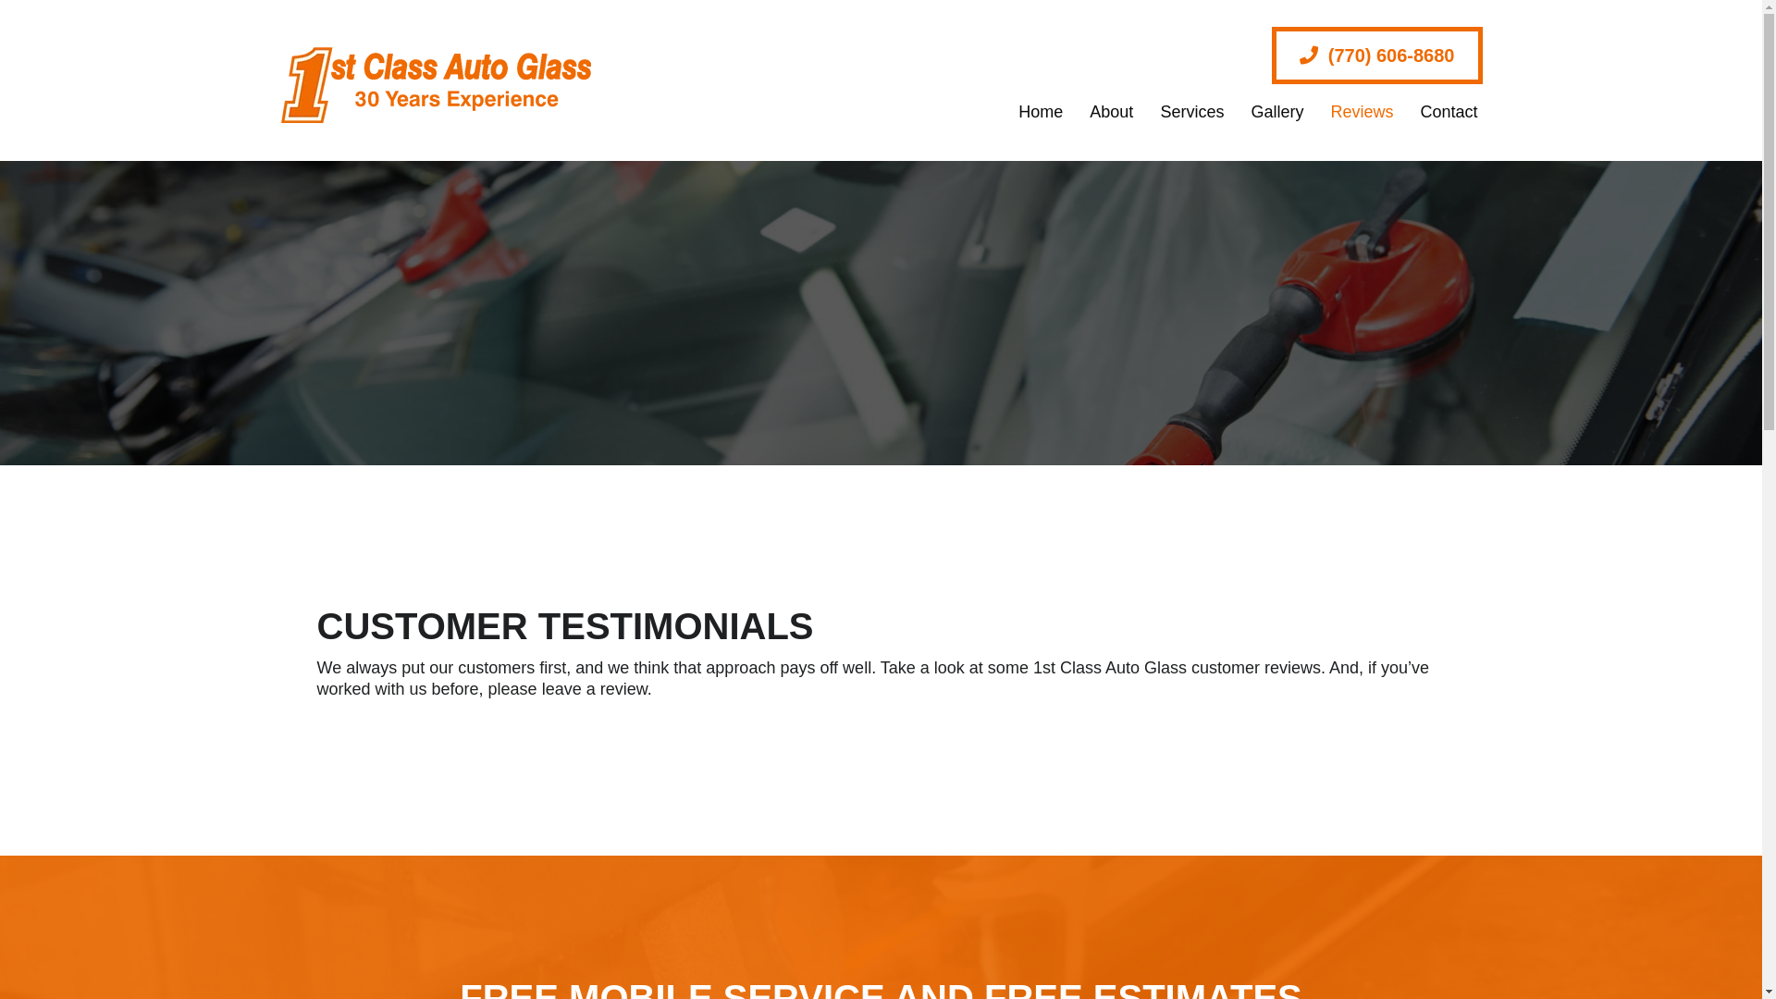 This screenshot has height=999, width=1776. What do you see at coordinates (1352, 111) in the screenshot?
I see `'Reviews'` at bounding box center [1352, 111].